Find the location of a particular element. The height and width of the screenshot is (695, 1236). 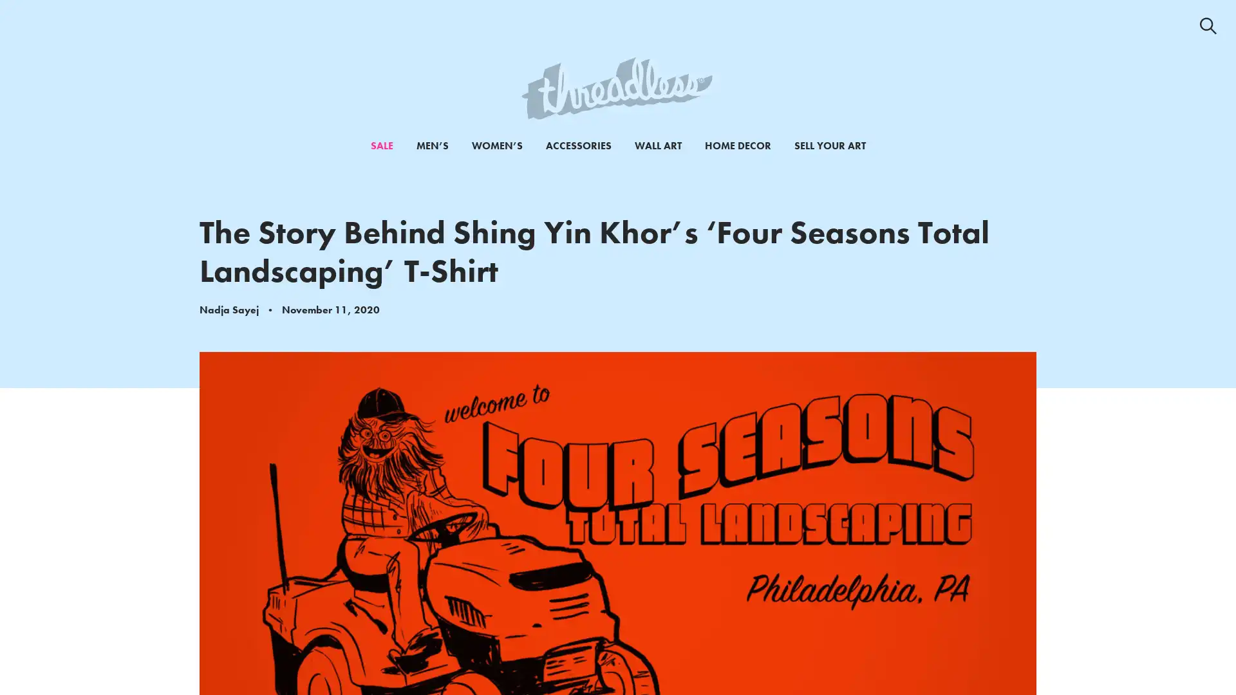

Search is located at coordinates (1183, 37).